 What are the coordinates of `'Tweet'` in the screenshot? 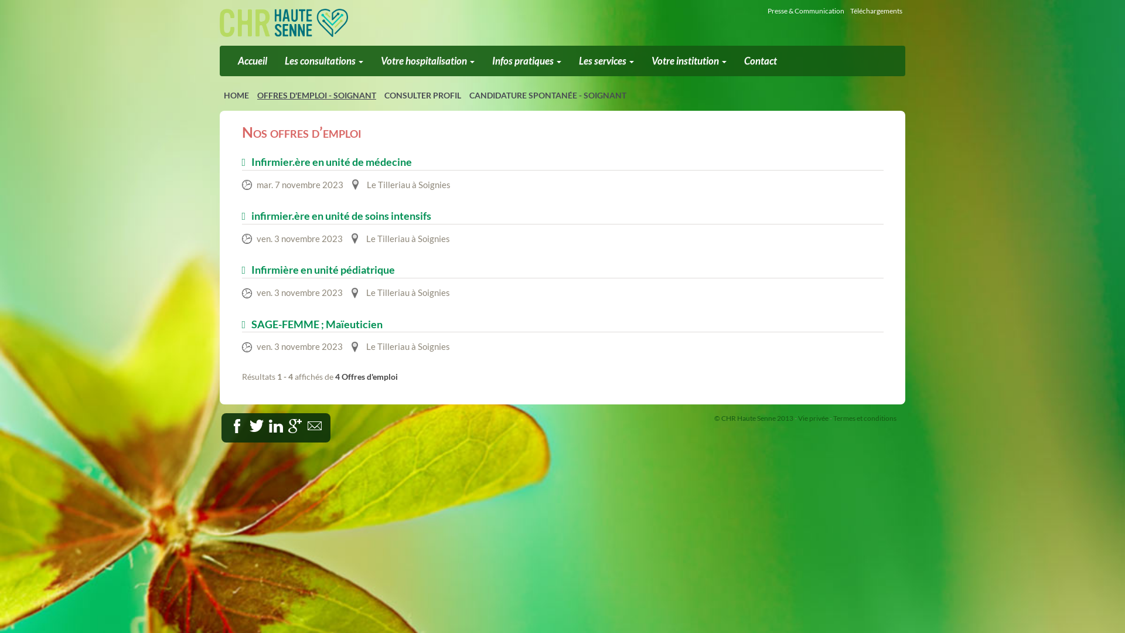 It's located at (255, 426).